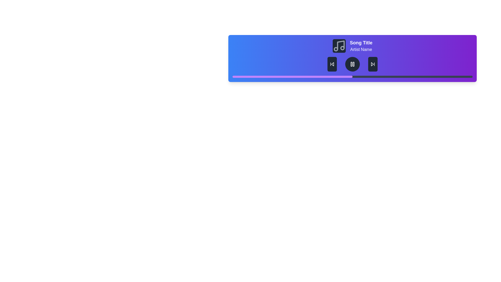 Image resolution: width=501 pixels, height=282 pixels. I want to click on the music-related decorative icon located to the left of the 'Song Title' and 'Artist Name' text in the top section of the player interface, so click(339, 46).